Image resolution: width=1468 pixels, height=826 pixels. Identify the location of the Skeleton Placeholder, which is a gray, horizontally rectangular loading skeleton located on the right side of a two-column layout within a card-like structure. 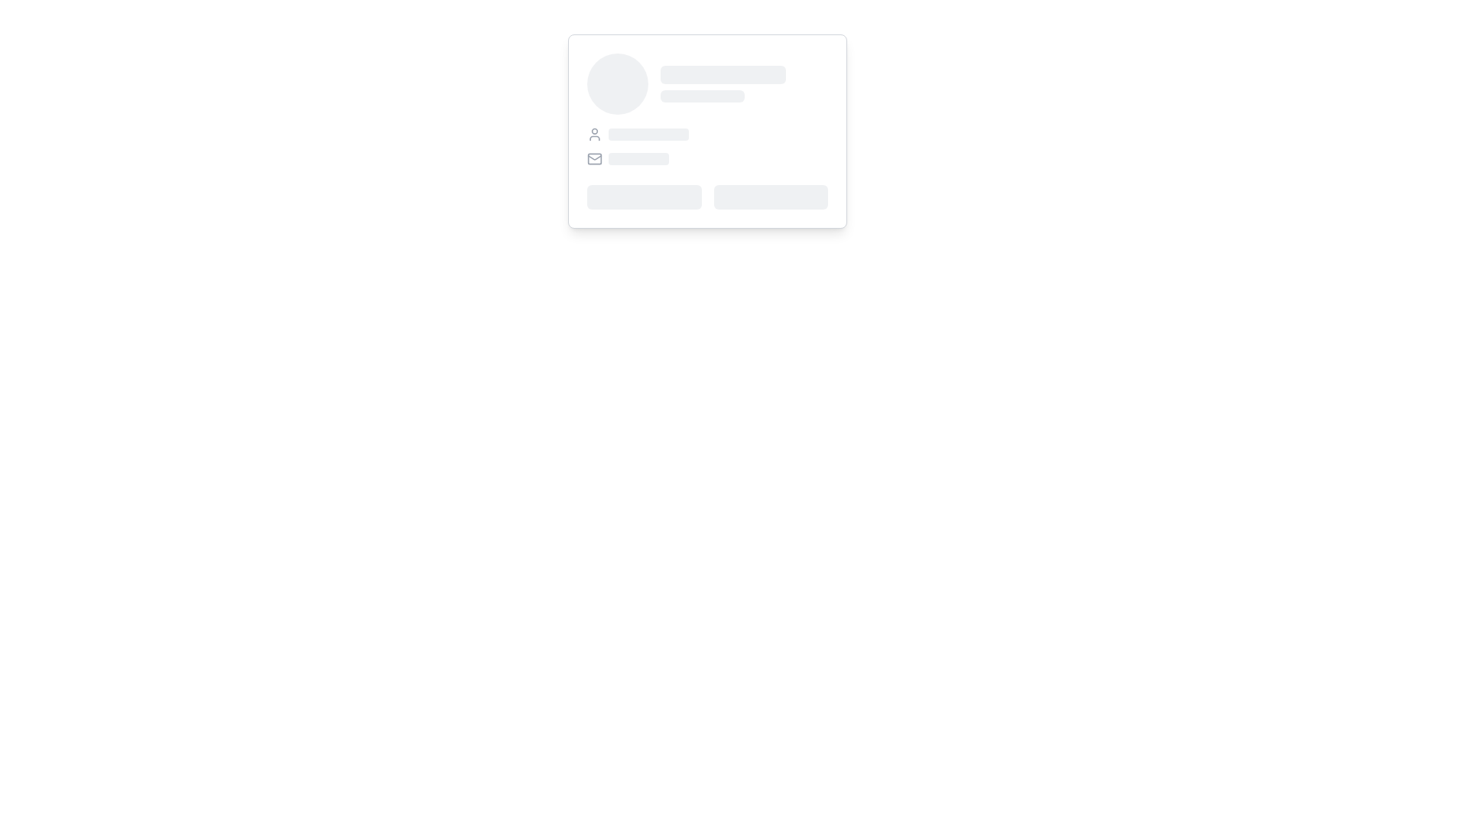
(771, 197).